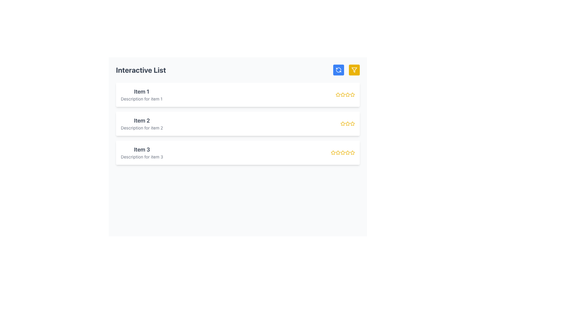 The image size is (580, 326). I want to click on the first star icon in the rating system, so click(333, 152).